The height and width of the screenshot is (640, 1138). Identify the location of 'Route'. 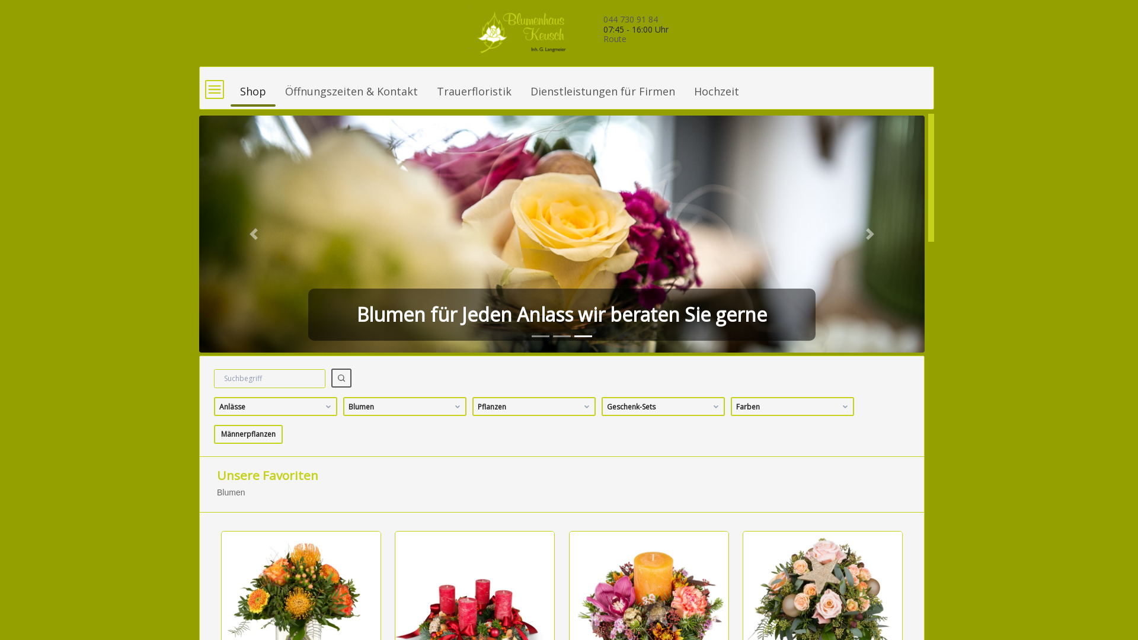
(615, 38).